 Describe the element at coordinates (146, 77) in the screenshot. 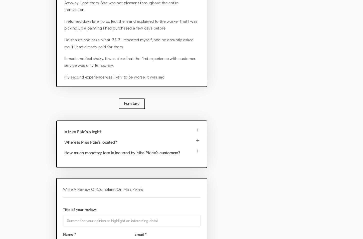

I see `'It was sad'` at that location.